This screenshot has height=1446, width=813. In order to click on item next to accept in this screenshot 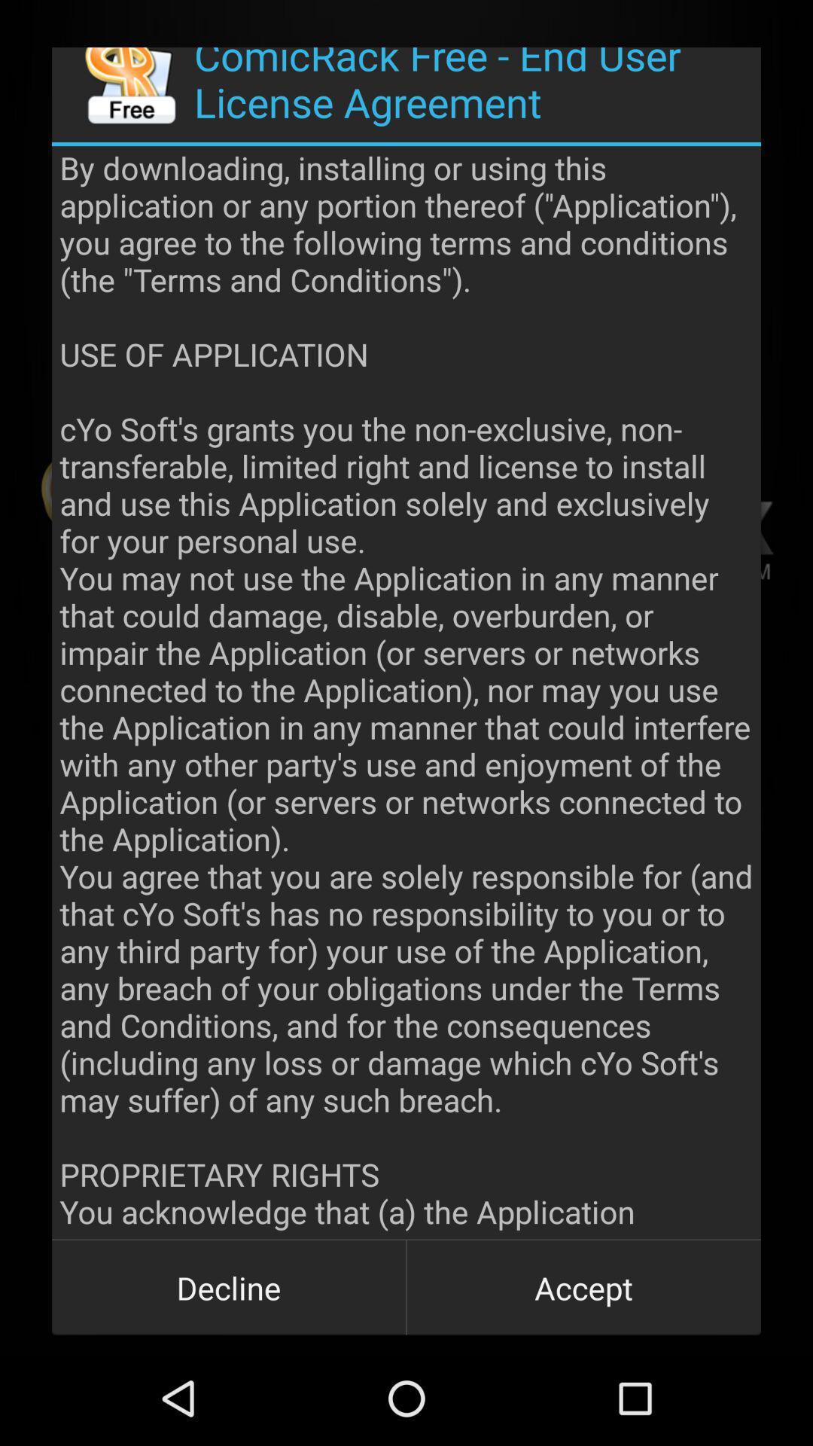, I will do `click(229, 1286)`.